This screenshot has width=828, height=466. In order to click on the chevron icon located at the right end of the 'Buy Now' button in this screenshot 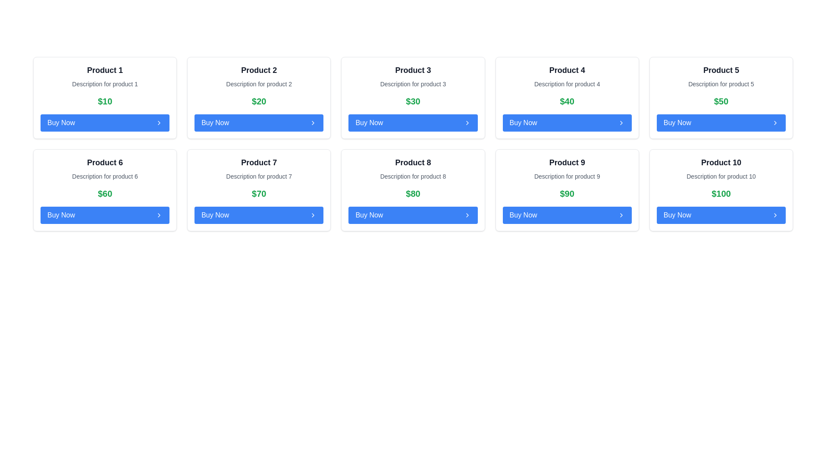, I will do `click(313, 123)`.